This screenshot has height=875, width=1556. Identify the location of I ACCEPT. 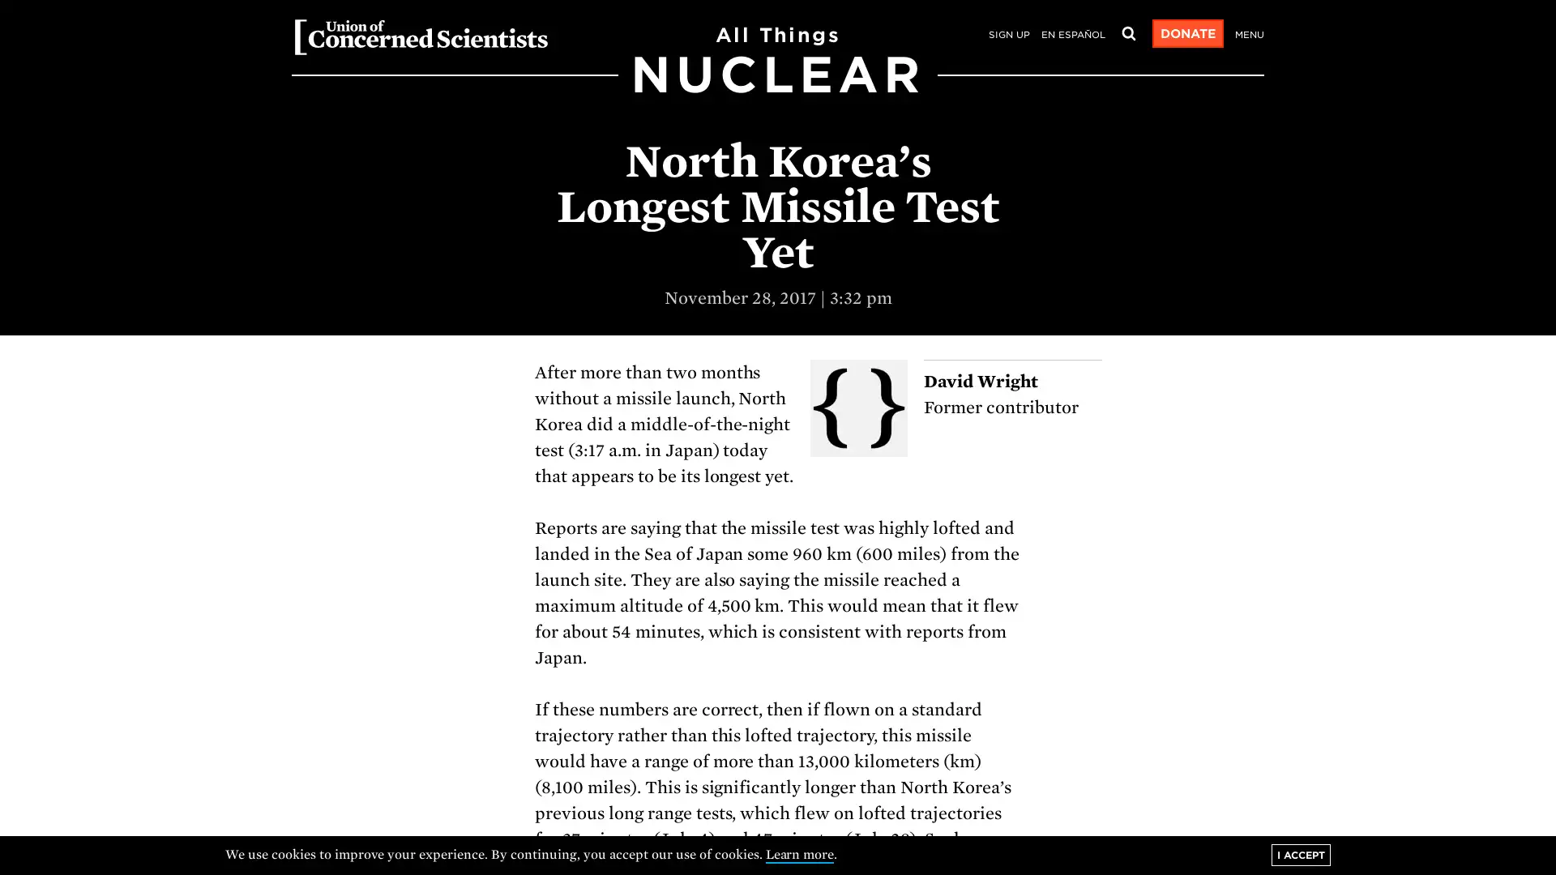
(1301, 854).